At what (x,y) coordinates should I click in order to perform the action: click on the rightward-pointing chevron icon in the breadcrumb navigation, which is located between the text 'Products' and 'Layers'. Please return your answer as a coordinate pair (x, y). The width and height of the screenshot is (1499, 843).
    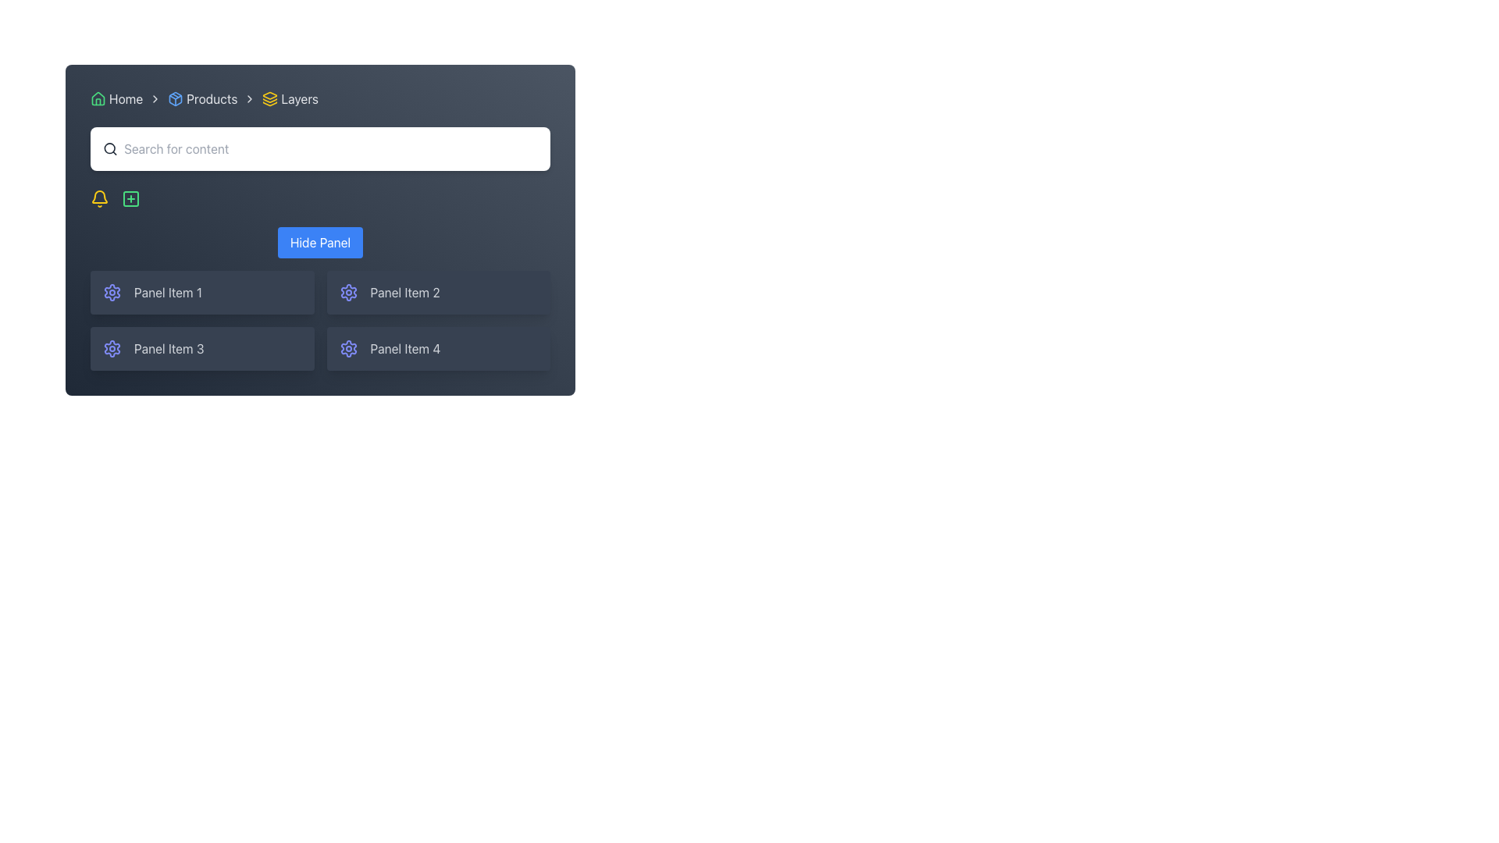
    Looking at the image, I should click on (250, 99).